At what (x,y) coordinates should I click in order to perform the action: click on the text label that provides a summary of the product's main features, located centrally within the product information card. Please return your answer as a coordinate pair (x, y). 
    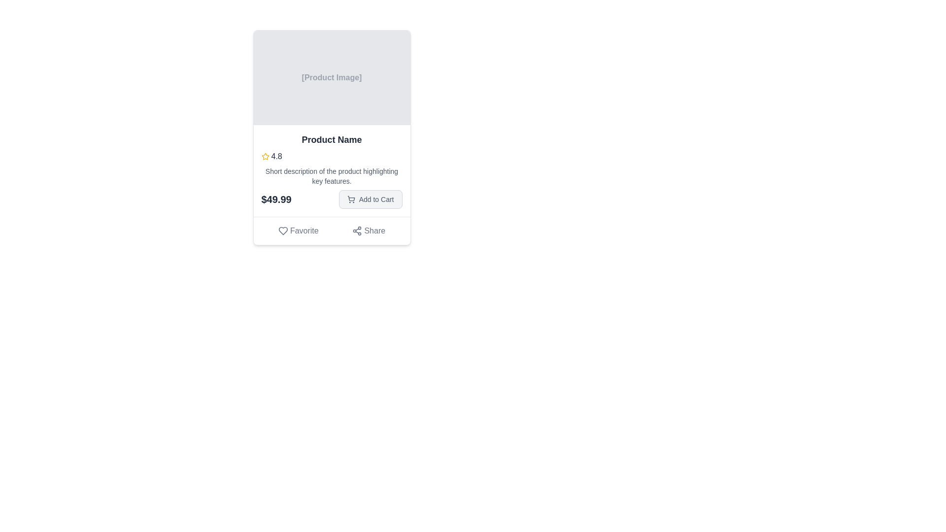
    Looking at the image, I should click on (332, 176).